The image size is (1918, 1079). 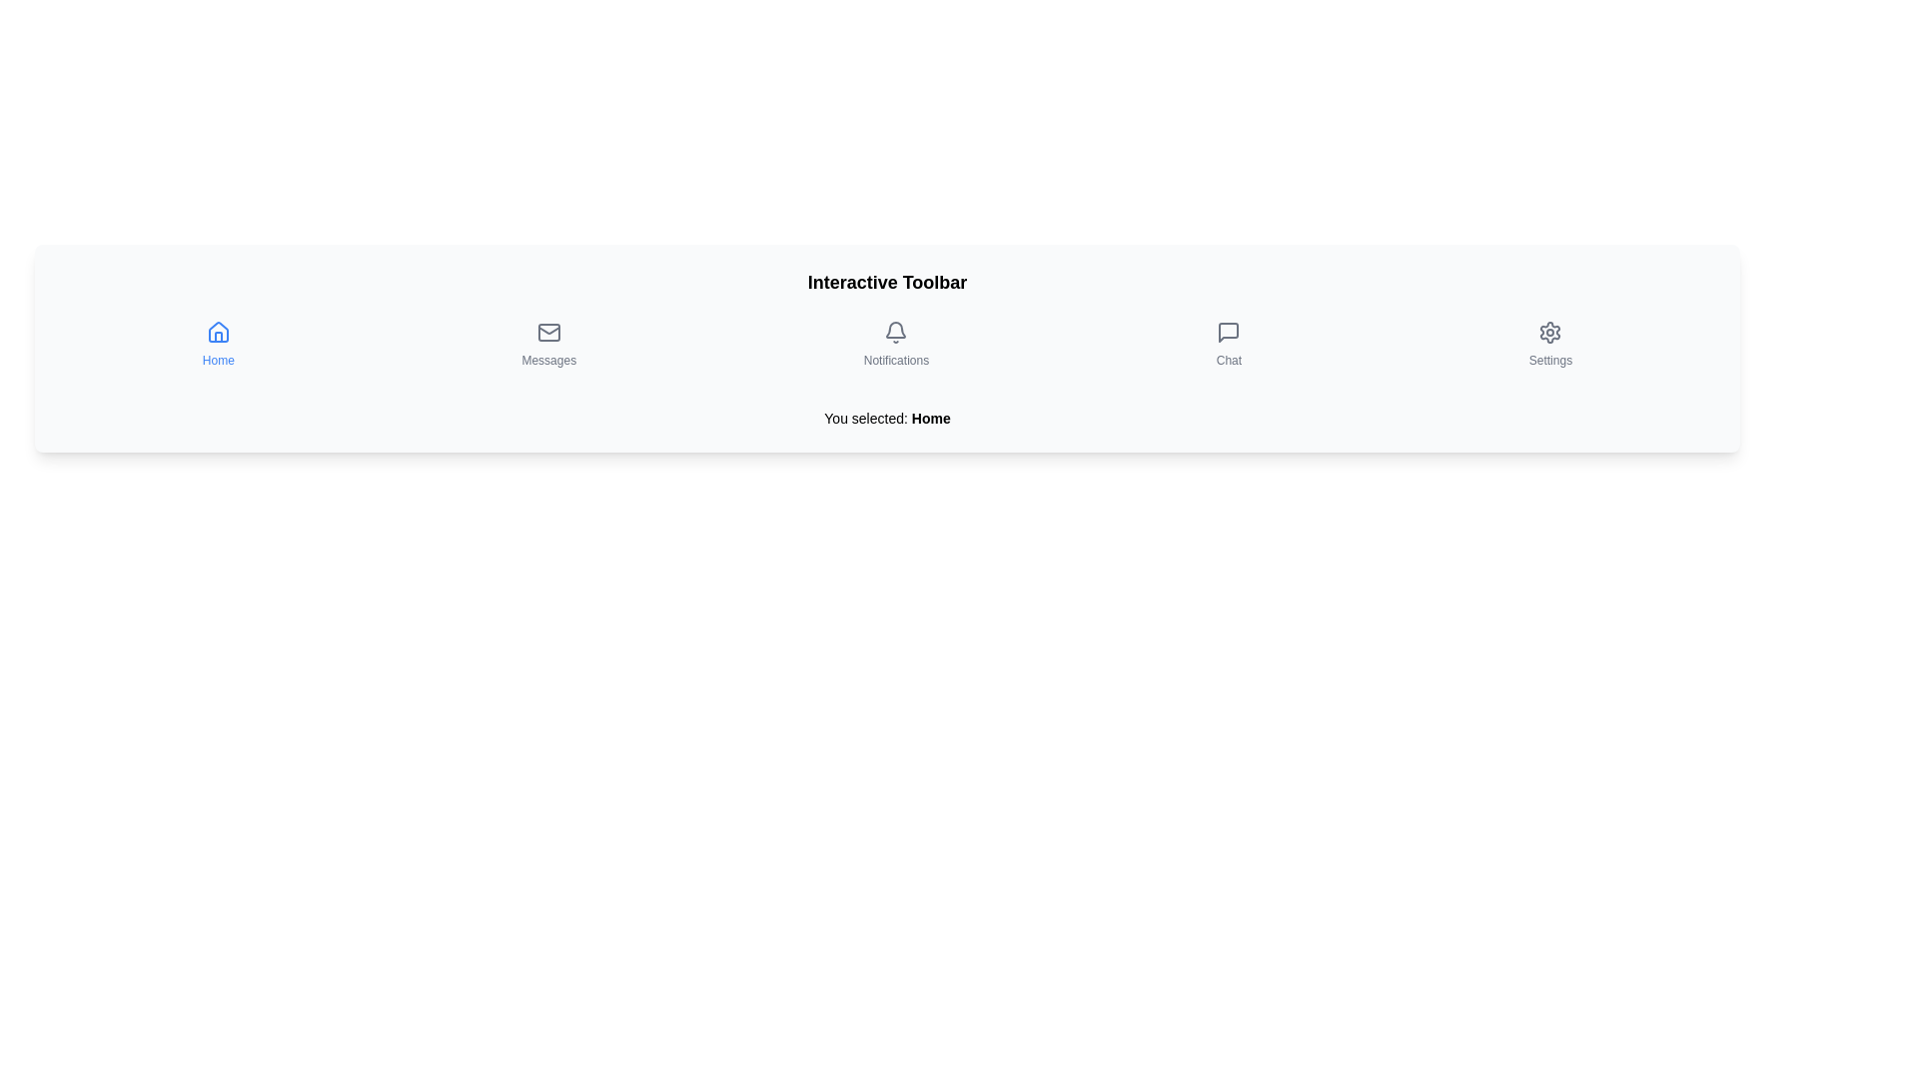 I want to click on the mail-shaped icon on the toolbar, located under the 'Messages' label, so click(x=548, y=331).